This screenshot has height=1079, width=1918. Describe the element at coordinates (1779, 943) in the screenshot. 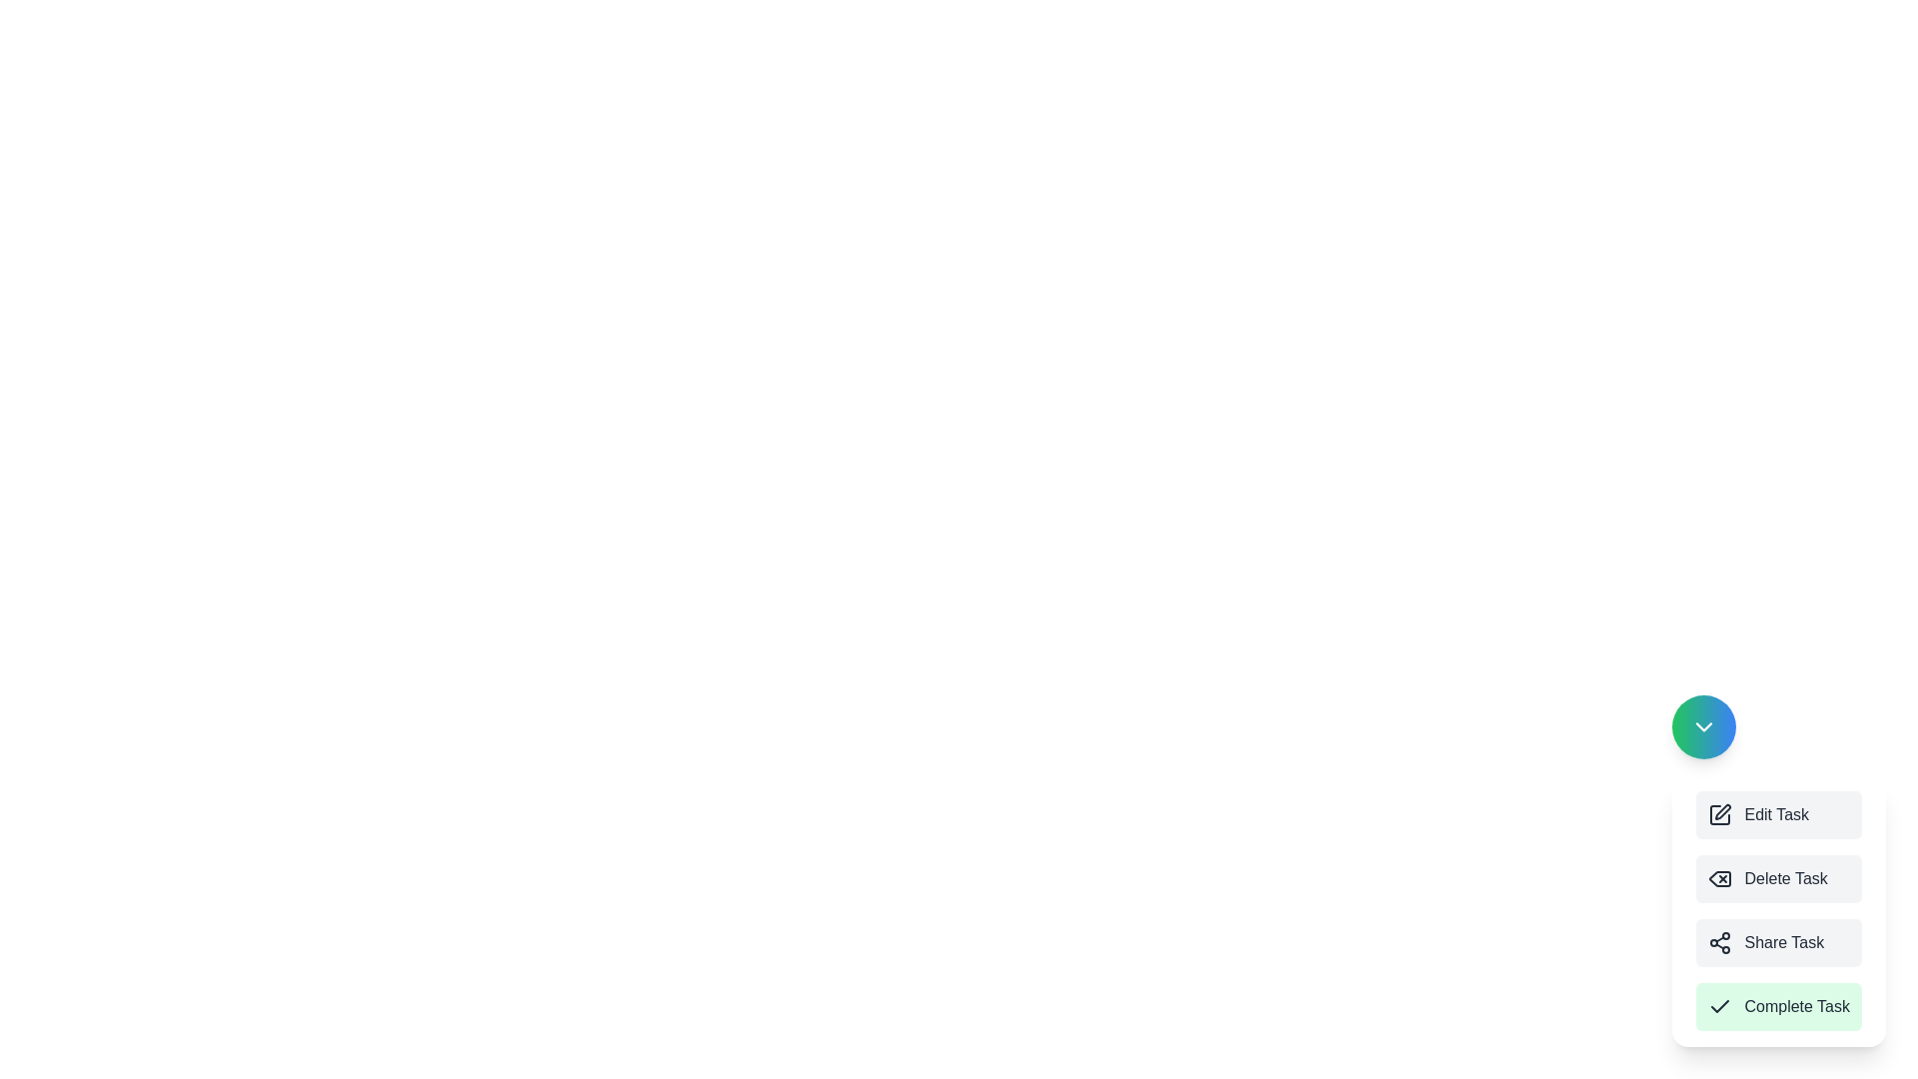

I see `the button labeled Share Task to observe the hover effect` at that location.